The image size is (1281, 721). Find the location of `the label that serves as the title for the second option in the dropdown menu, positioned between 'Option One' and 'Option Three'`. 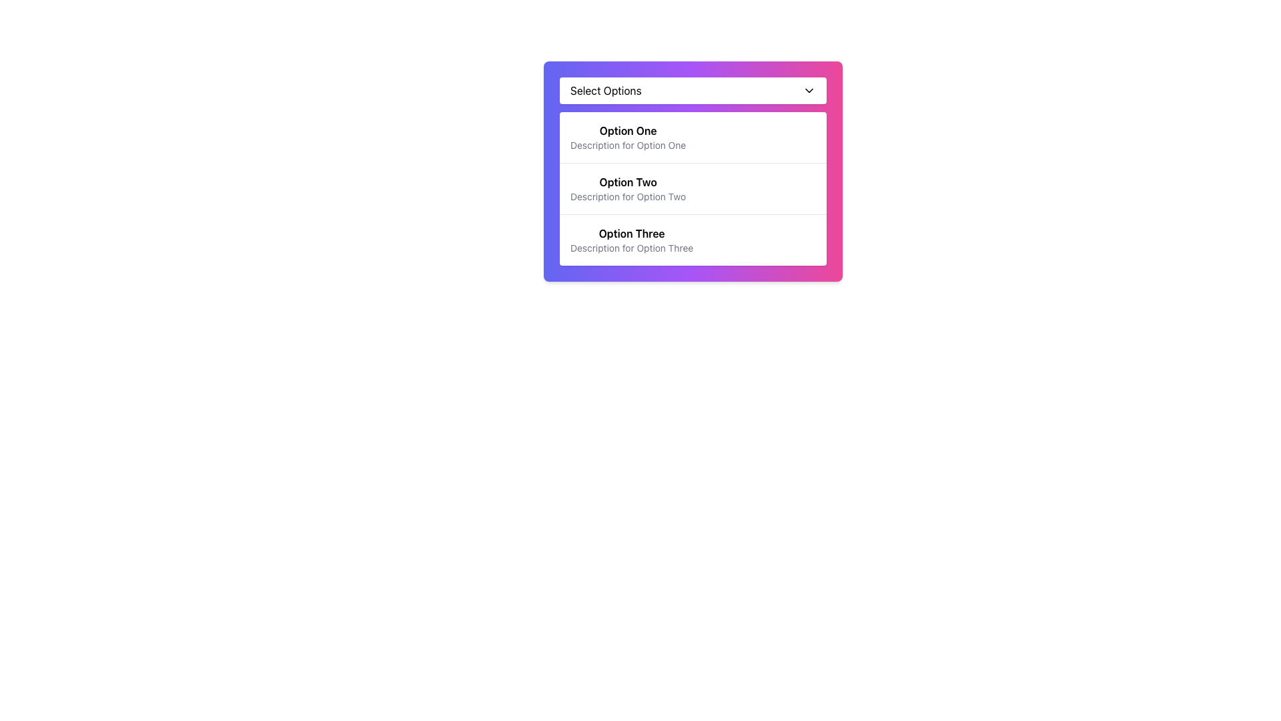

the label that serves as the title for the second option in the dropdown menu, positioned between 'Option One' and 'Option Three' is located at coordinates (627, 182).